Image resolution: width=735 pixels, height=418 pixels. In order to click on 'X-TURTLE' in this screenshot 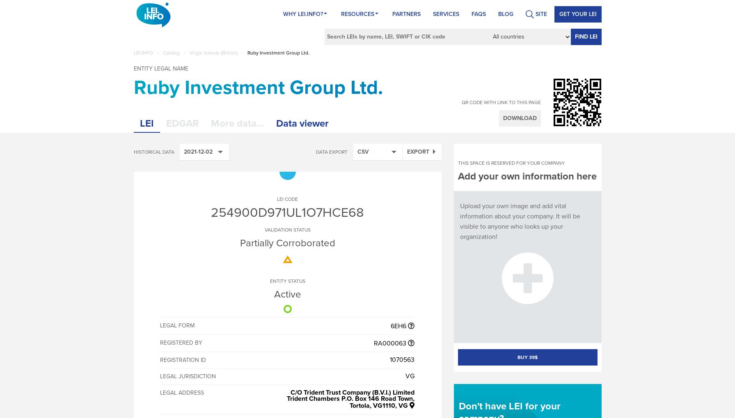, I will do `click(369, 382)`.